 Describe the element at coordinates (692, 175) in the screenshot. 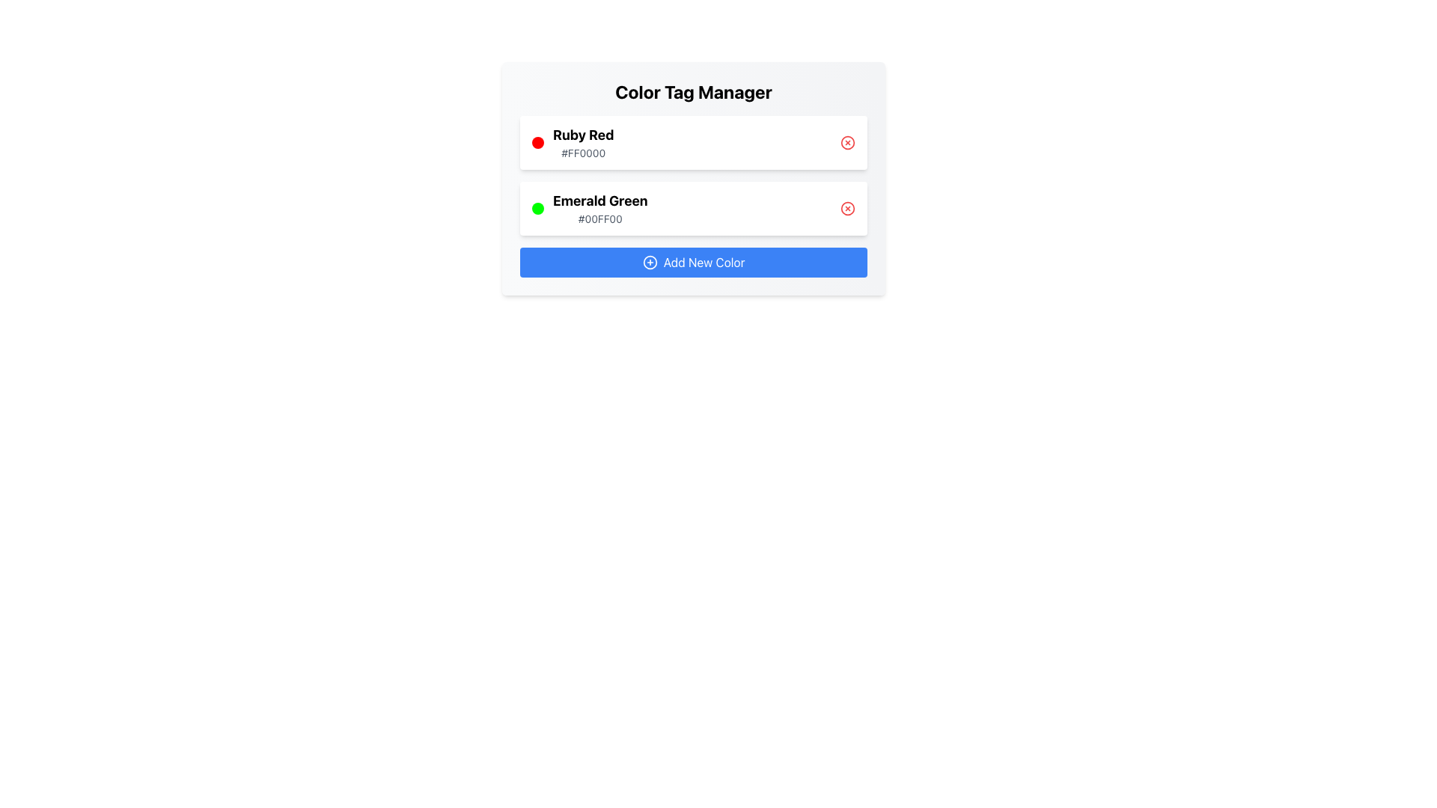

I see `an individual item in the List of color tags located under the 'Color Tag Manager' title, which presents two color options with labels and color-coded dots` at that location.